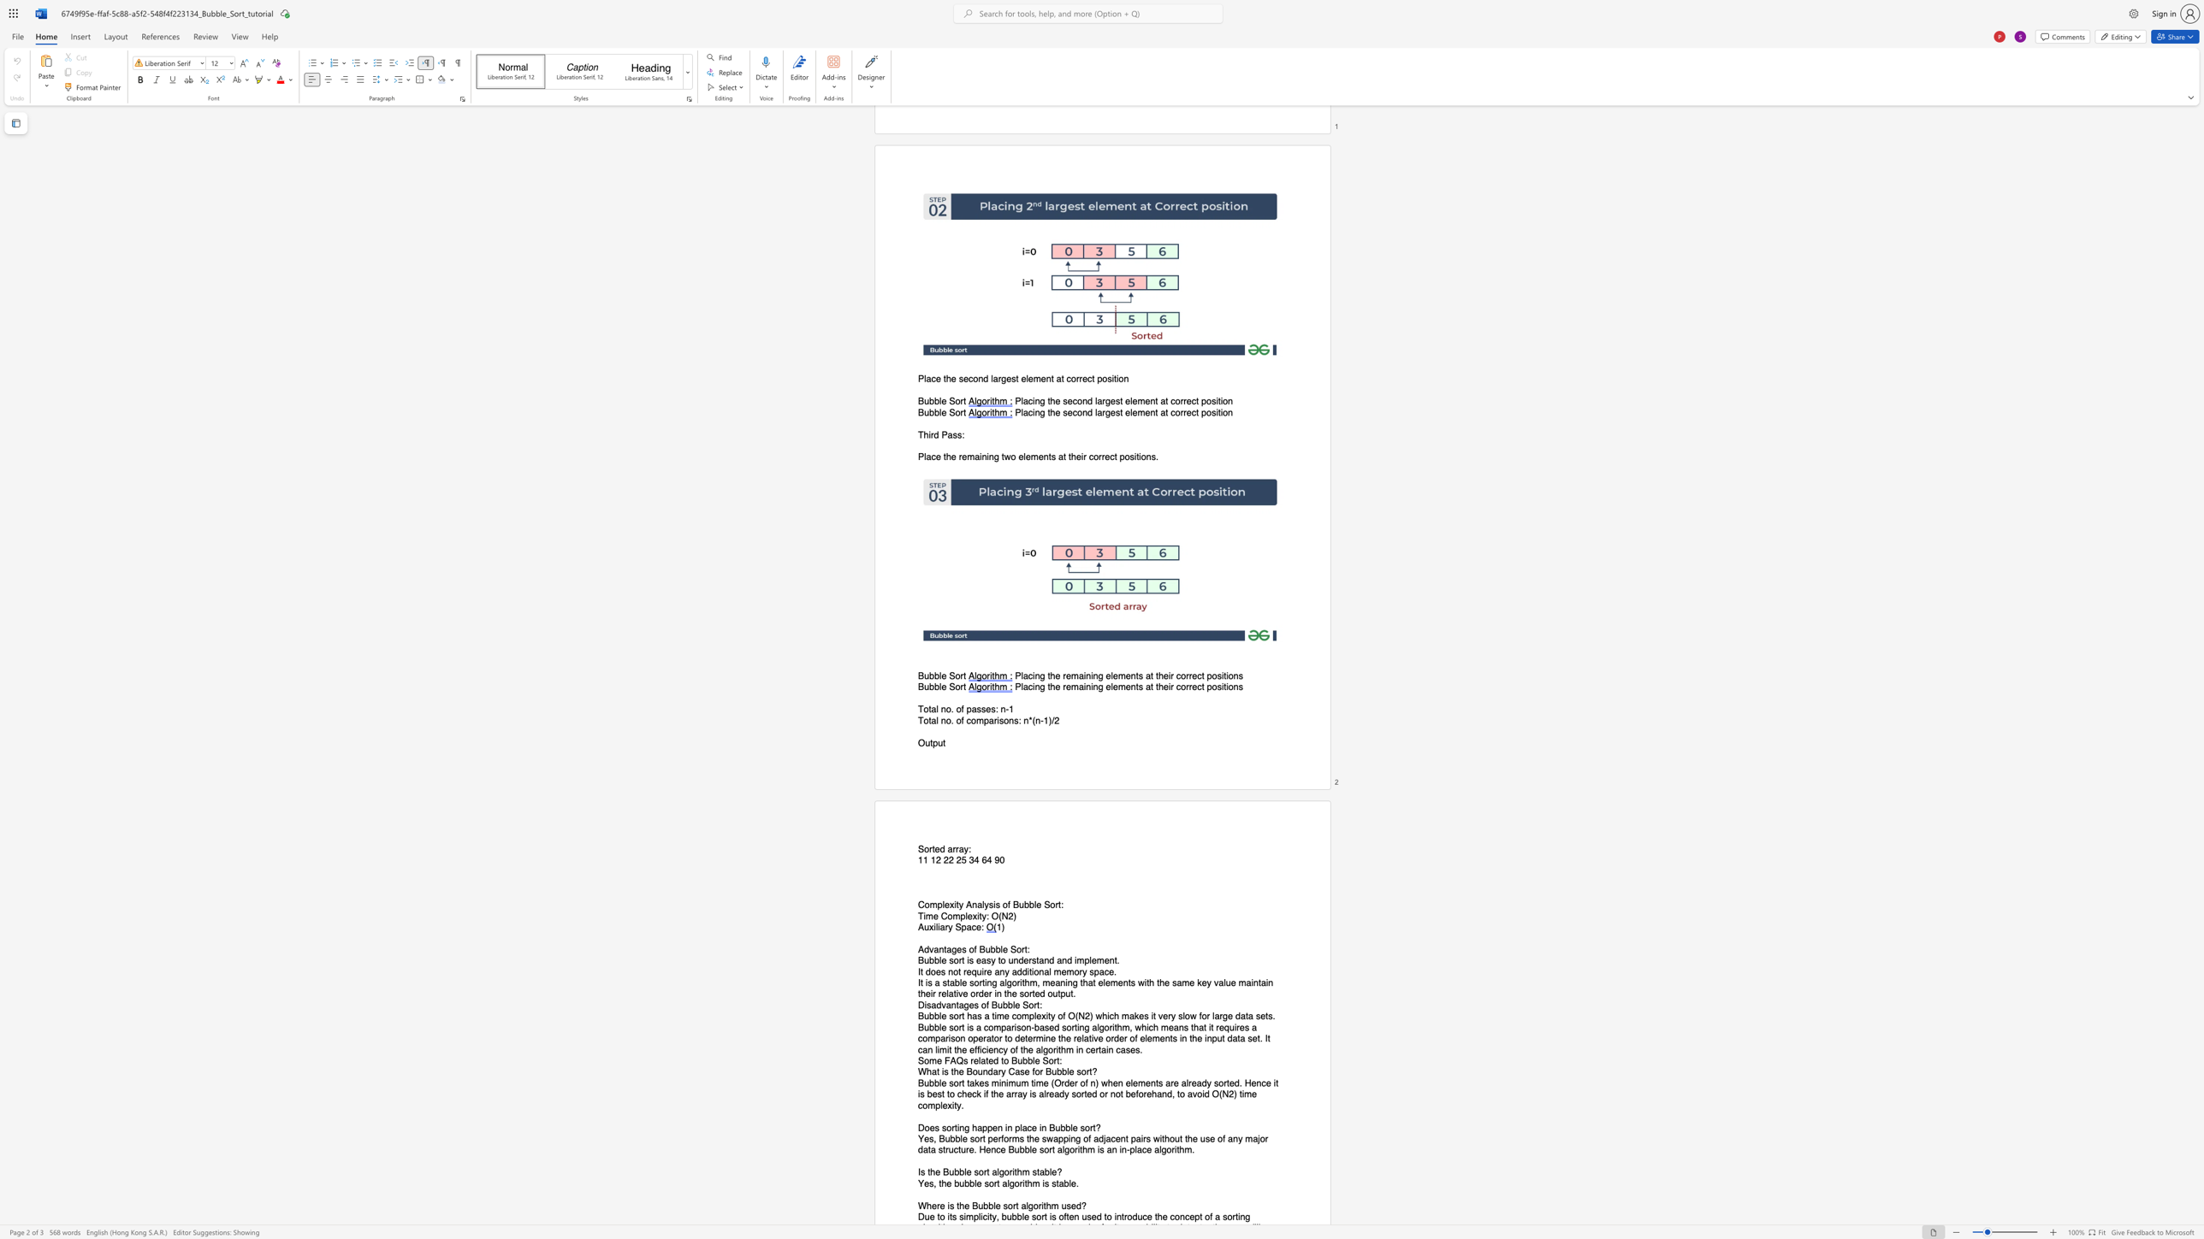 Image resolution: width=2204 pixels, height=1239 pixels. I want to click on the 1th character "l" in the text, so click(965, 916).